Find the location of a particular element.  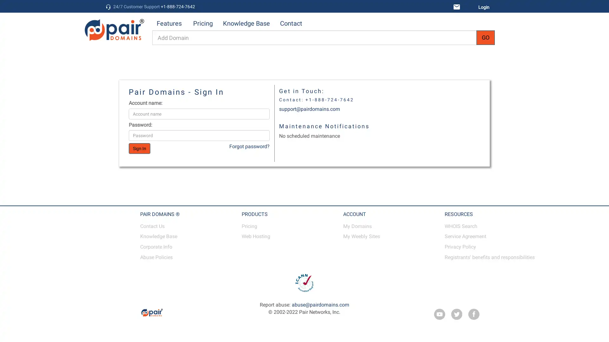

Sign In is located at coordinates (139, 149).